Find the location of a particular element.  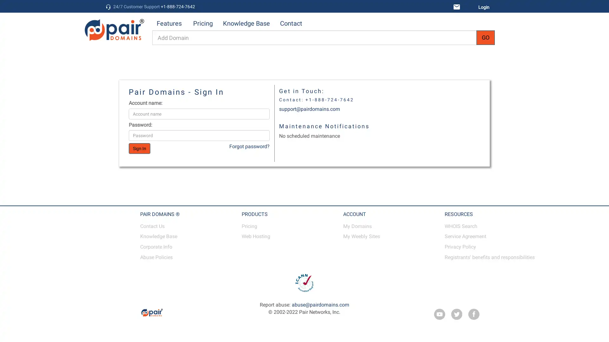

Sign In is located at coordinates (139, 149).